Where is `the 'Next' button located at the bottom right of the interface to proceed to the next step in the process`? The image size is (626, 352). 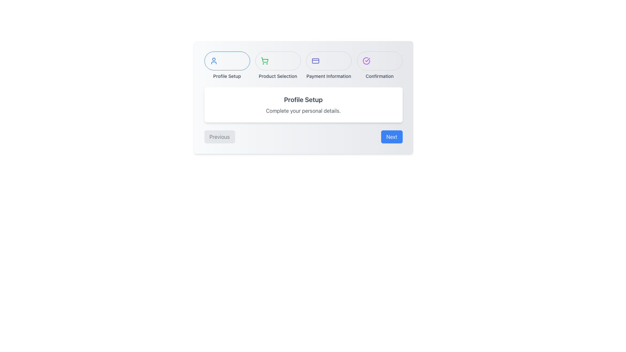 the 'Next' button located at the bottom right of the interface to proceed to the next step in the process is located at coordinates (391, 137).